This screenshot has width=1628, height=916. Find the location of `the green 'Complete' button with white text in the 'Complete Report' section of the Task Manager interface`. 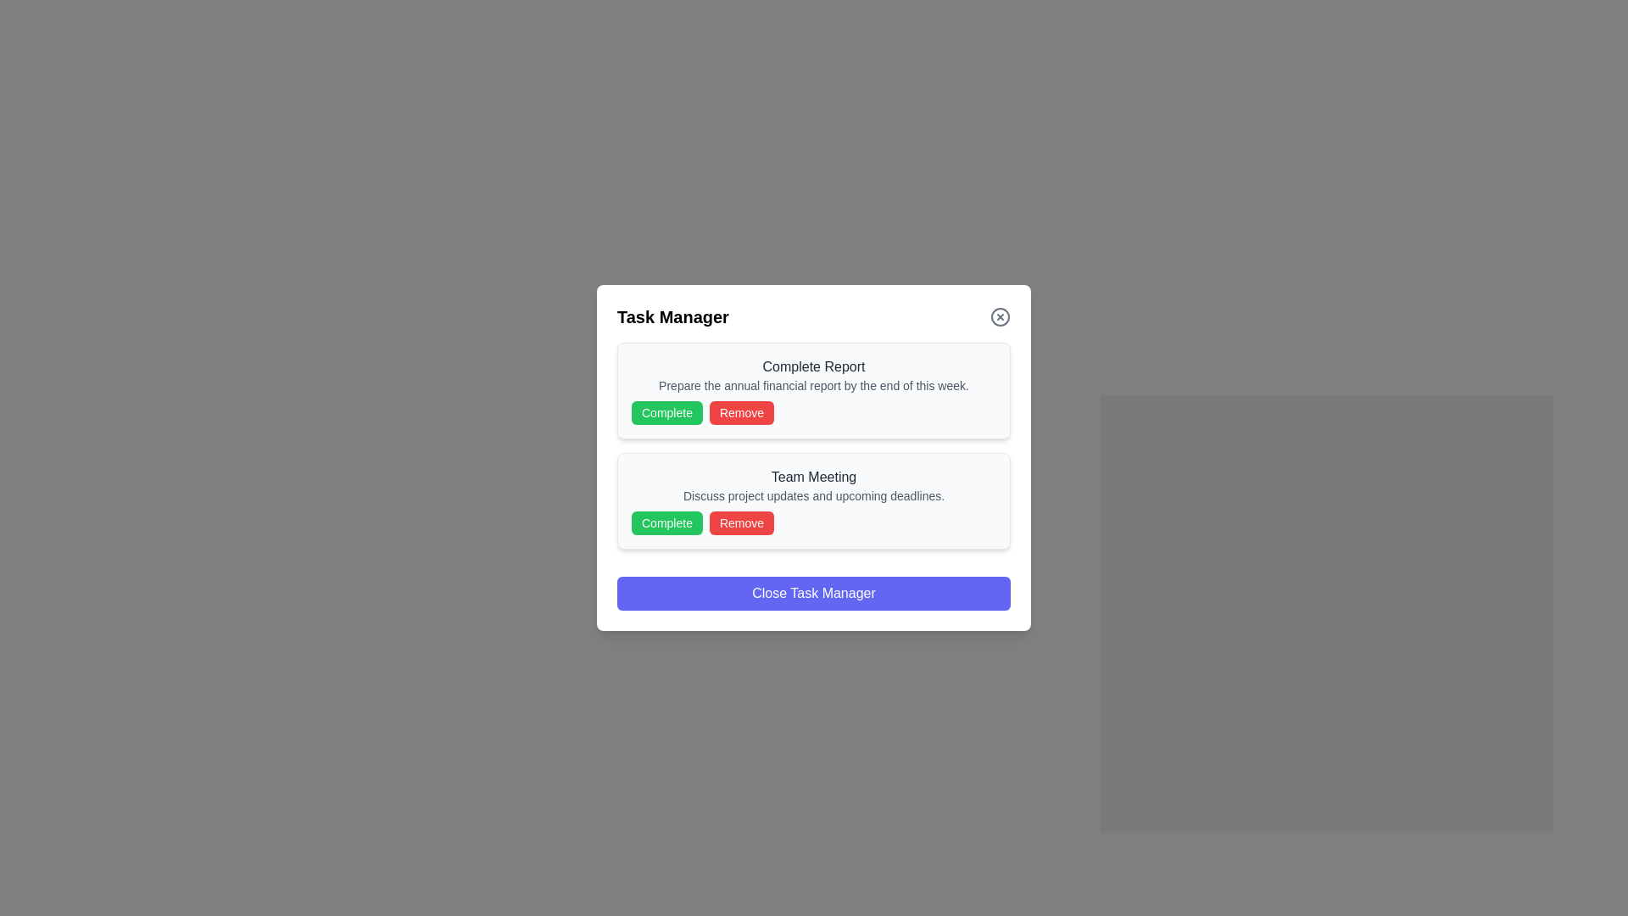

the green 'Complete' button with white text in the 'Complete Report' section of the Task Manager interface is located at coordinates (666, 412).